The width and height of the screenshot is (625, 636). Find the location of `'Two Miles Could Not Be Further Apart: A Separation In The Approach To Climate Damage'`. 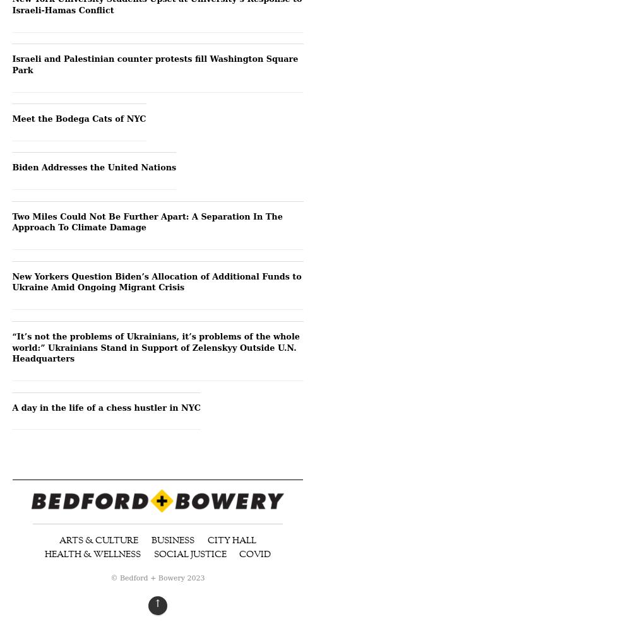

'Two Miles Could Not Be Further Apart: A Separation In The Approach To Climate Damage' is located at coordinates (146, 221).